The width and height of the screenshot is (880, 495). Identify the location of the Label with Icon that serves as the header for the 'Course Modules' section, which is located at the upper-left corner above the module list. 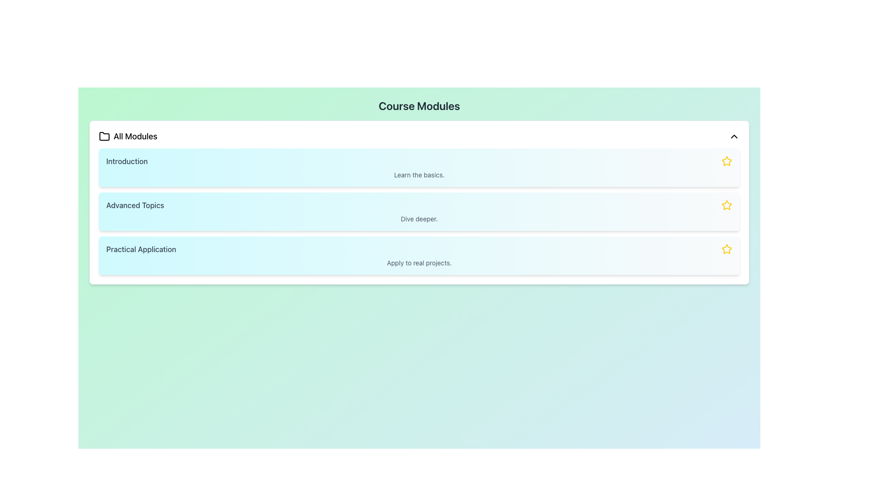
(127, 136).